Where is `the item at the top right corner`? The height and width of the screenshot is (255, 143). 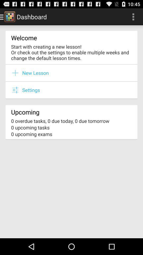
the item at the top right corner is located at coordinates (133, 16).